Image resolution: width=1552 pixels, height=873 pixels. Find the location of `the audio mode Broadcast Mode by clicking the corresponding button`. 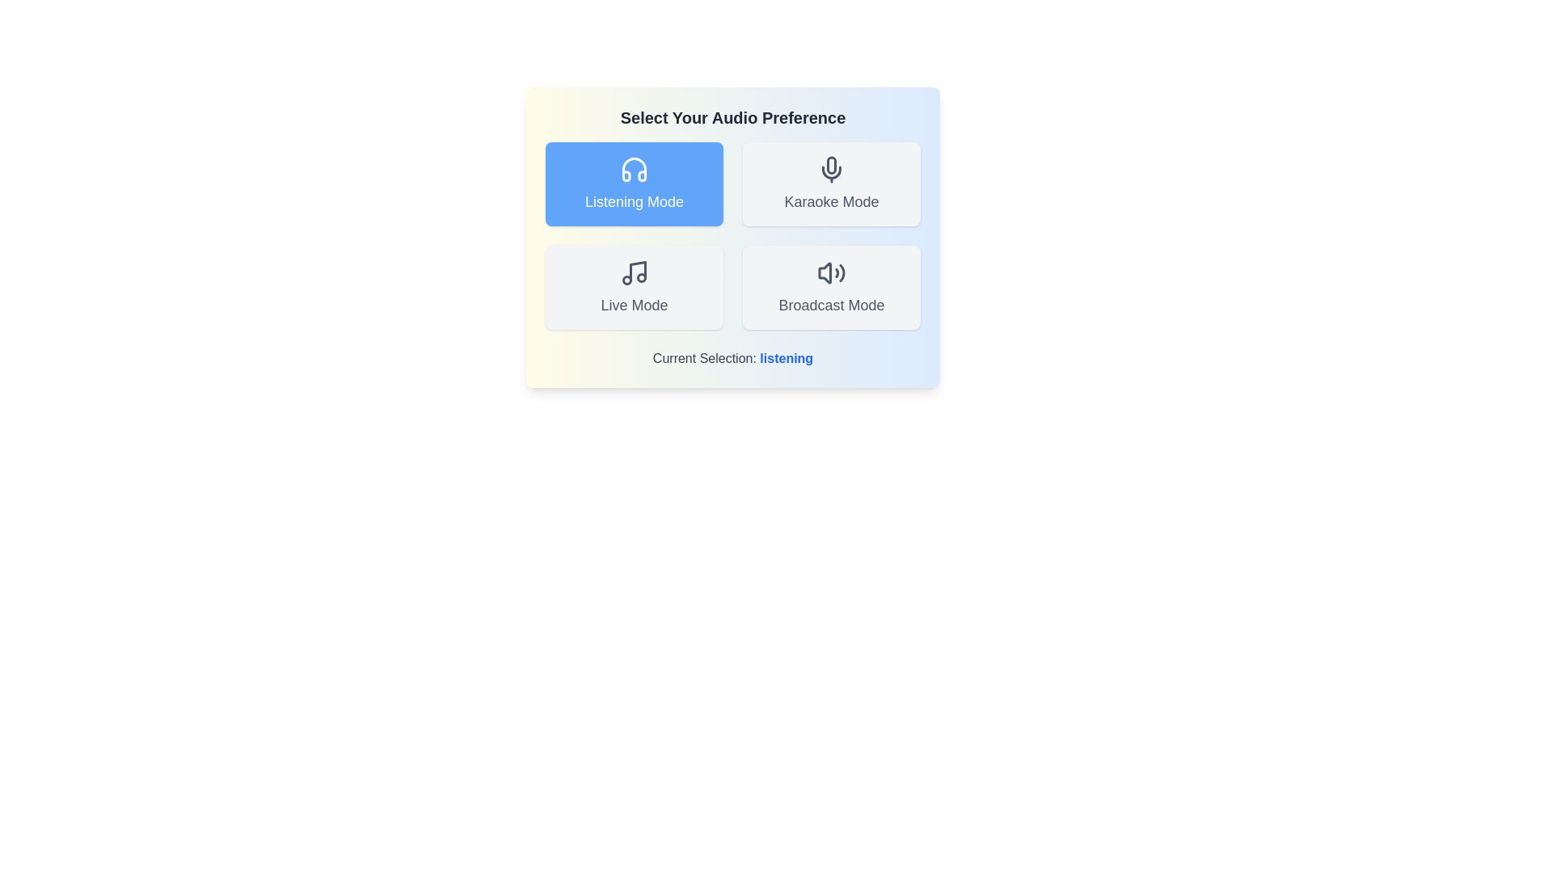

the audio mode Broadcast Mode by clicking the corresponding button is located at coordinates (831, 286).